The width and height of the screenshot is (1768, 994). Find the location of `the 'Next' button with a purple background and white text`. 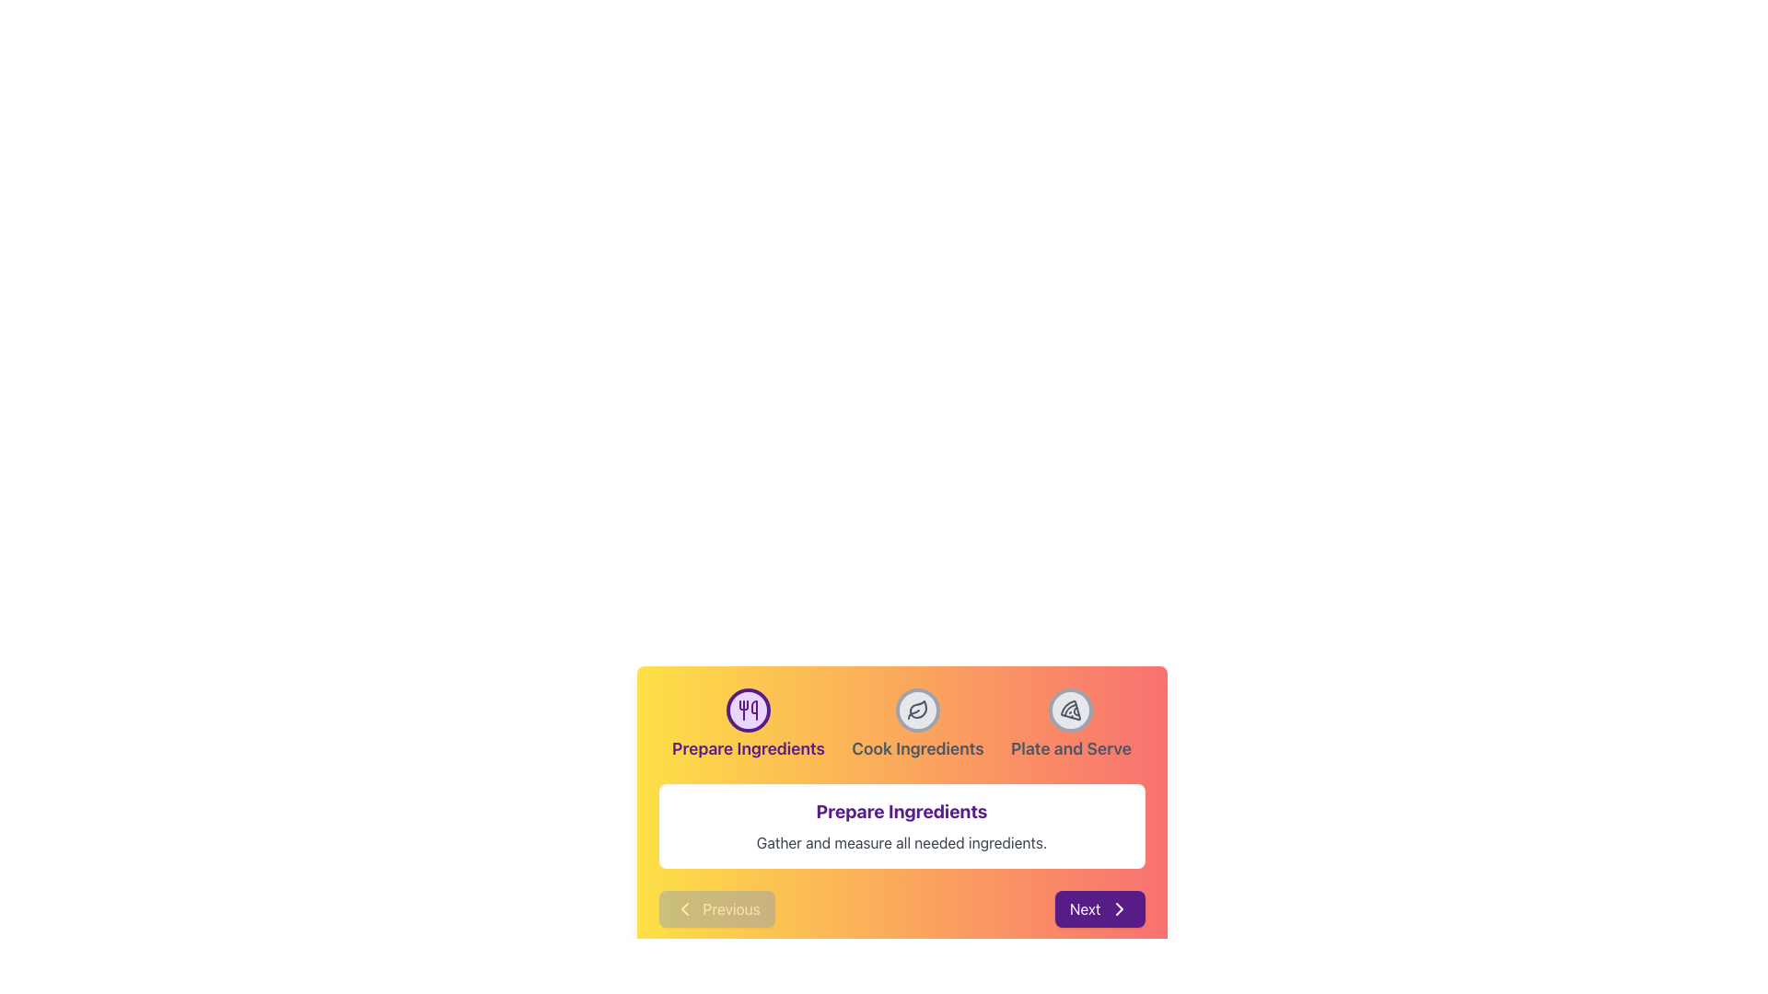

the 'Next' button with a purple background and white text is located at coordinates (1099, 907).